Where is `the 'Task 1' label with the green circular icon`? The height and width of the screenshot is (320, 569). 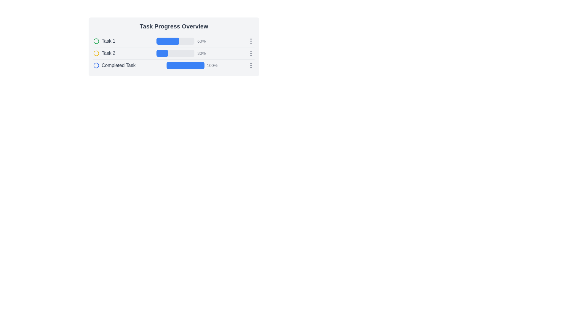
the 'Task 1' label with the green circular icon is located at coordinates (104, 41).